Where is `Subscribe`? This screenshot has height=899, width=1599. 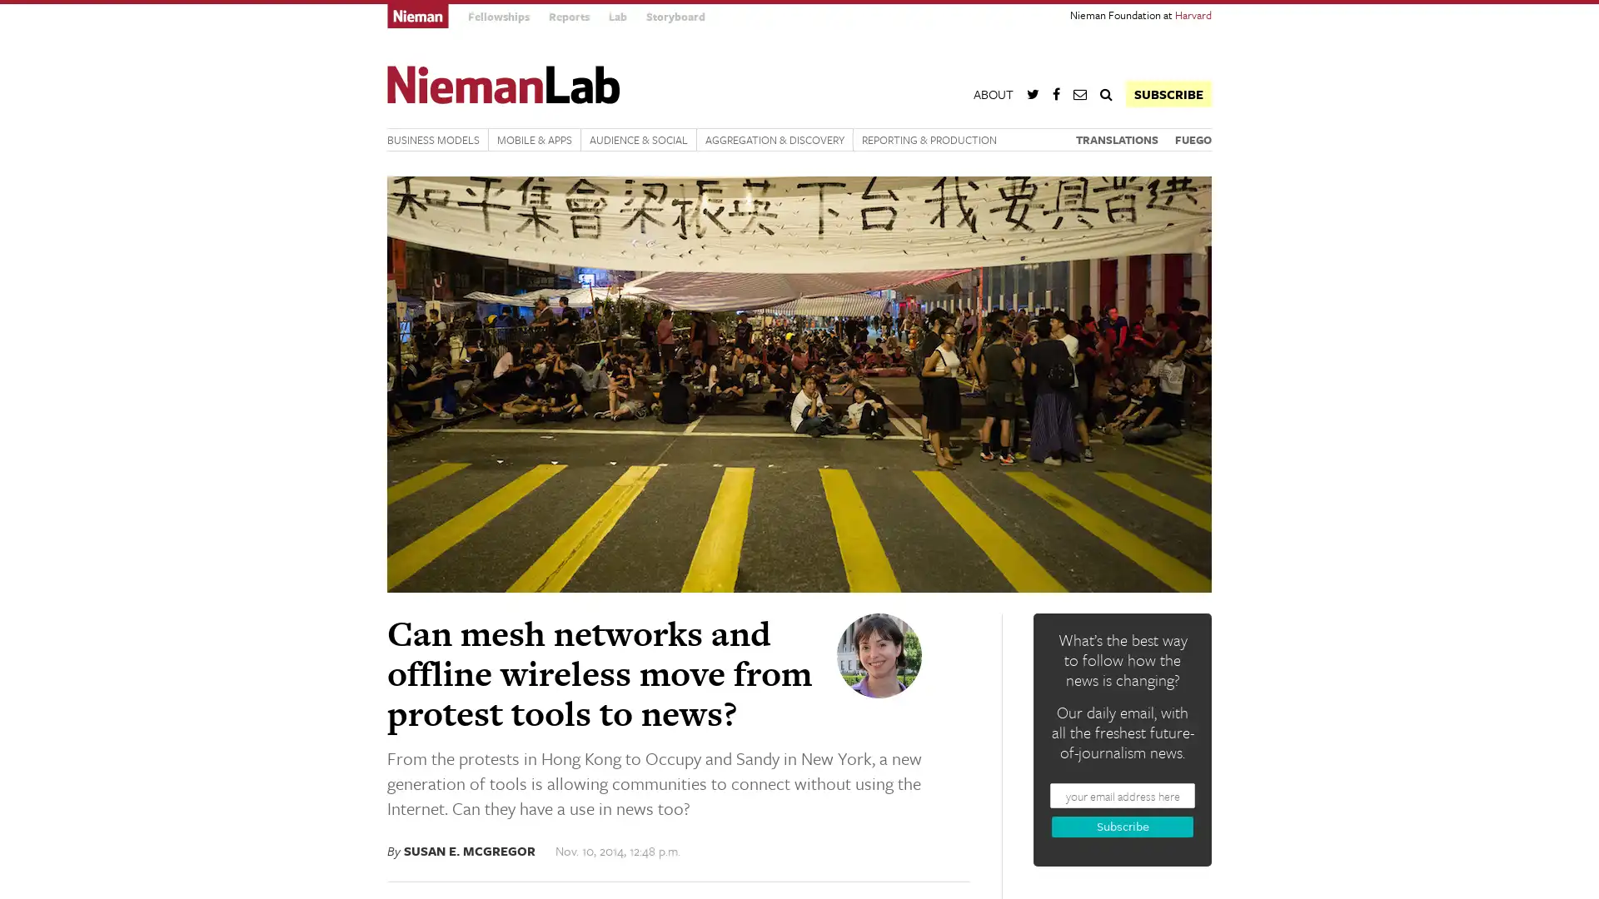 Subscribe is located at coordinates (1123, 827).